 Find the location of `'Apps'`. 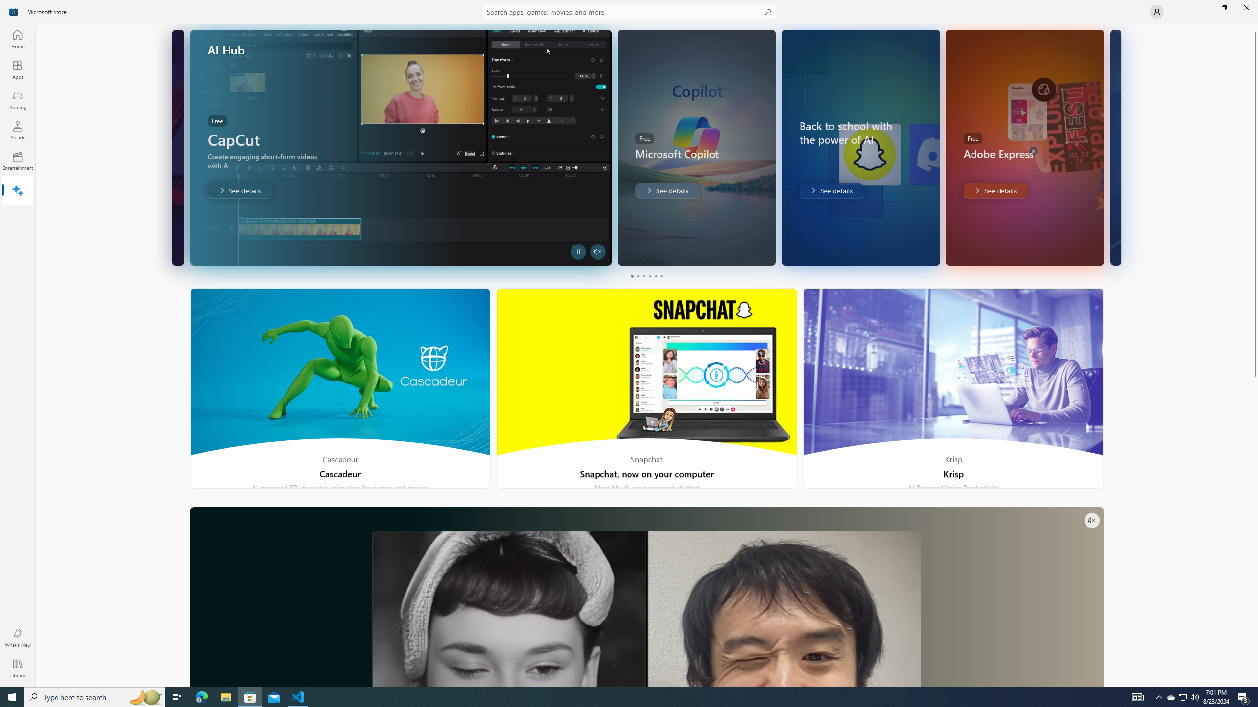

'Apps' is located at coordinates (17, 69).